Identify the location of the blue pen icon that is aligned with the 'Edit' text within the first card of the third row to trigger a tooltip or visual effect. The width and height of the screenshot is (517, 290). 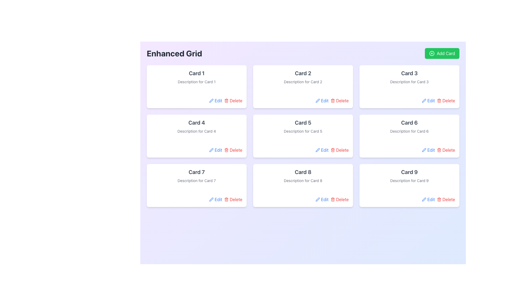
(211, 200).